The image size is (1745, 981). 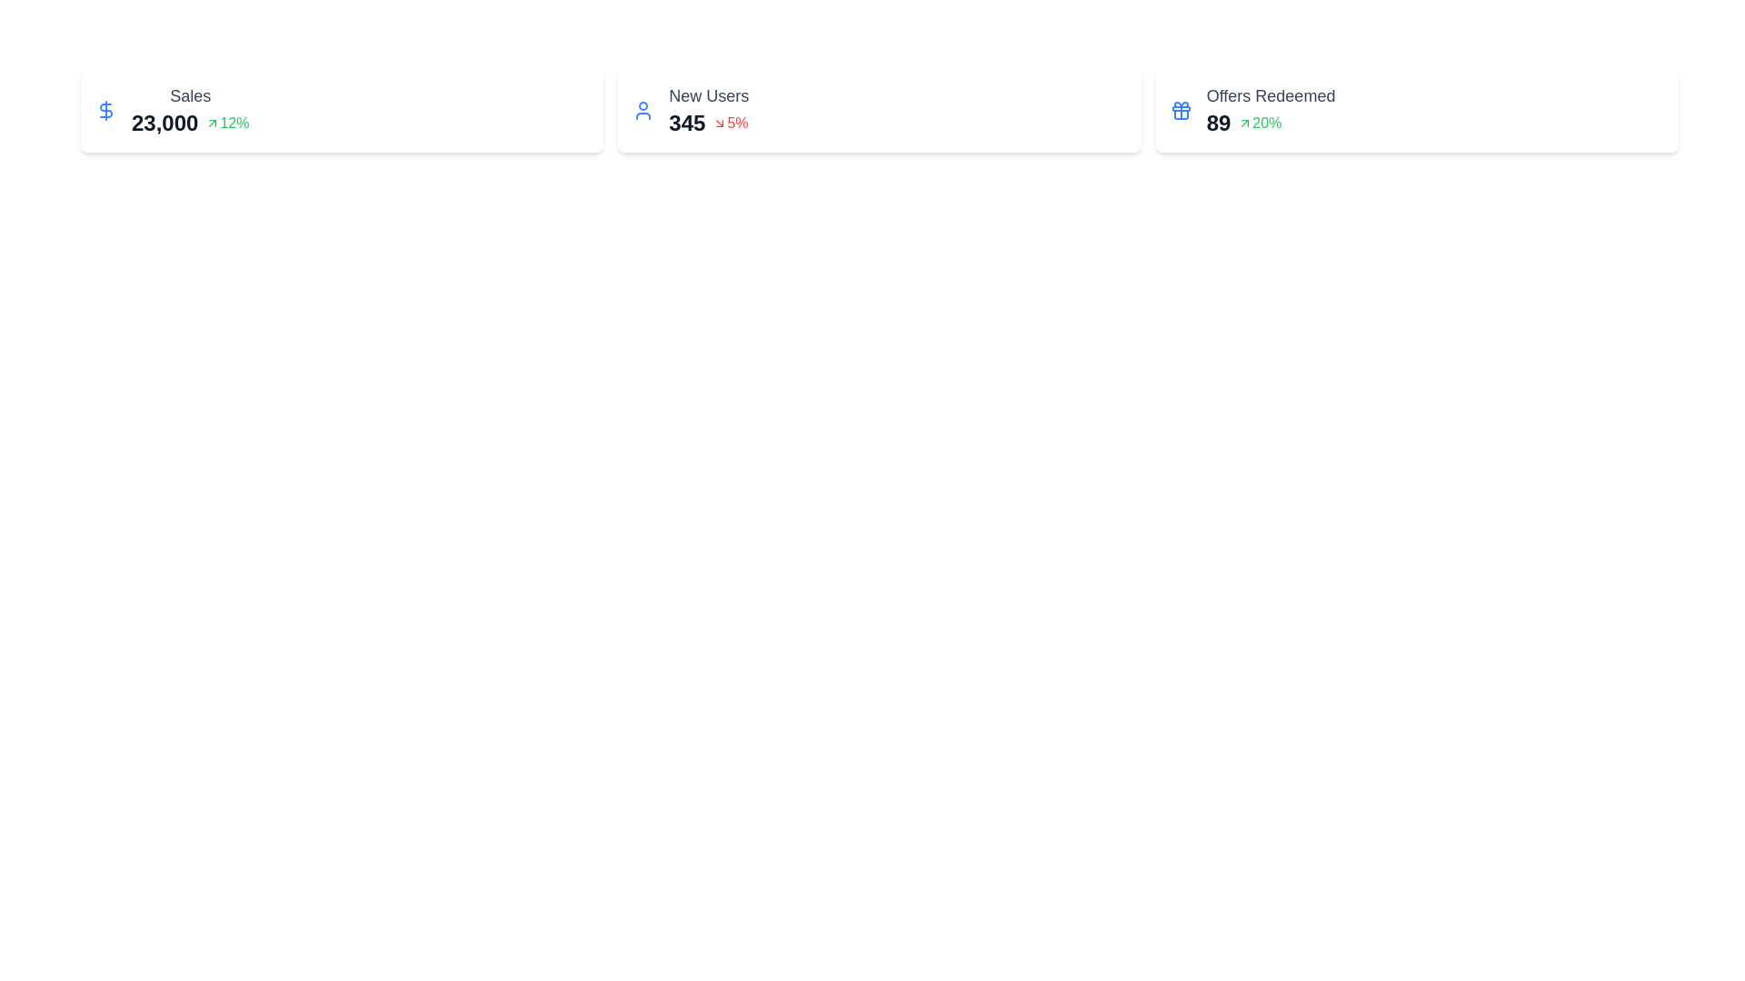 I want to click on the green '12%' text label with an arrow icon, which indicates the percentage growth associated with the 'Sales' metric, positioned to the right of the numeric '23,000' text within the 'Sales' summary card, so click(x=226, y=123).